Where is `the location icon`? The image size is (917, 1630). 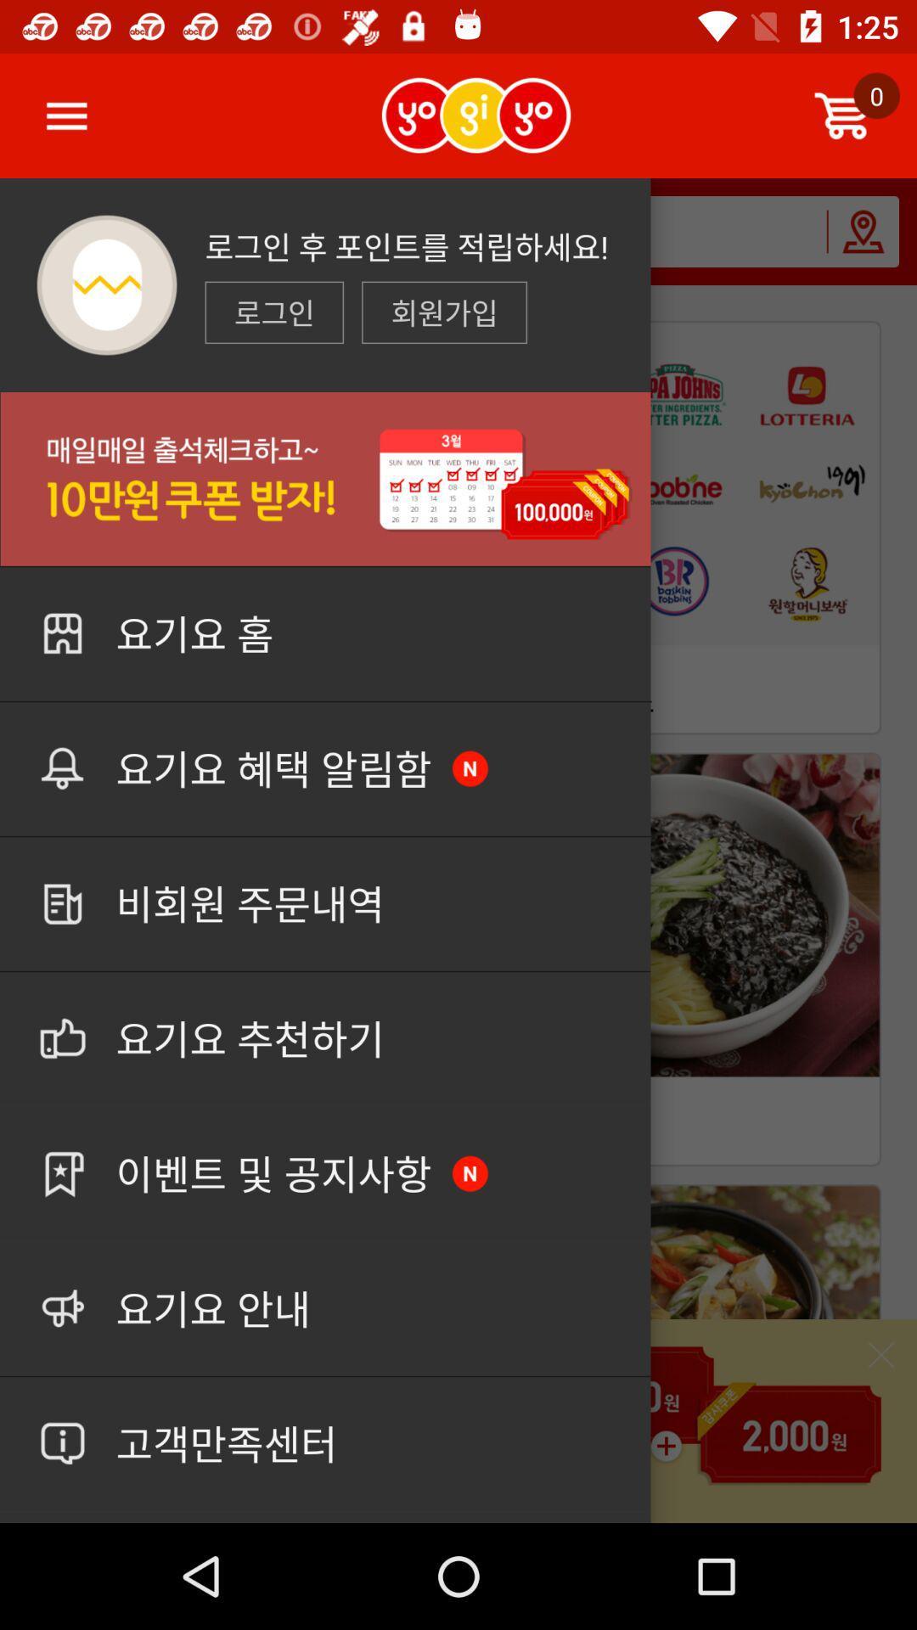 the location icon is located at coordinates (862, 231).